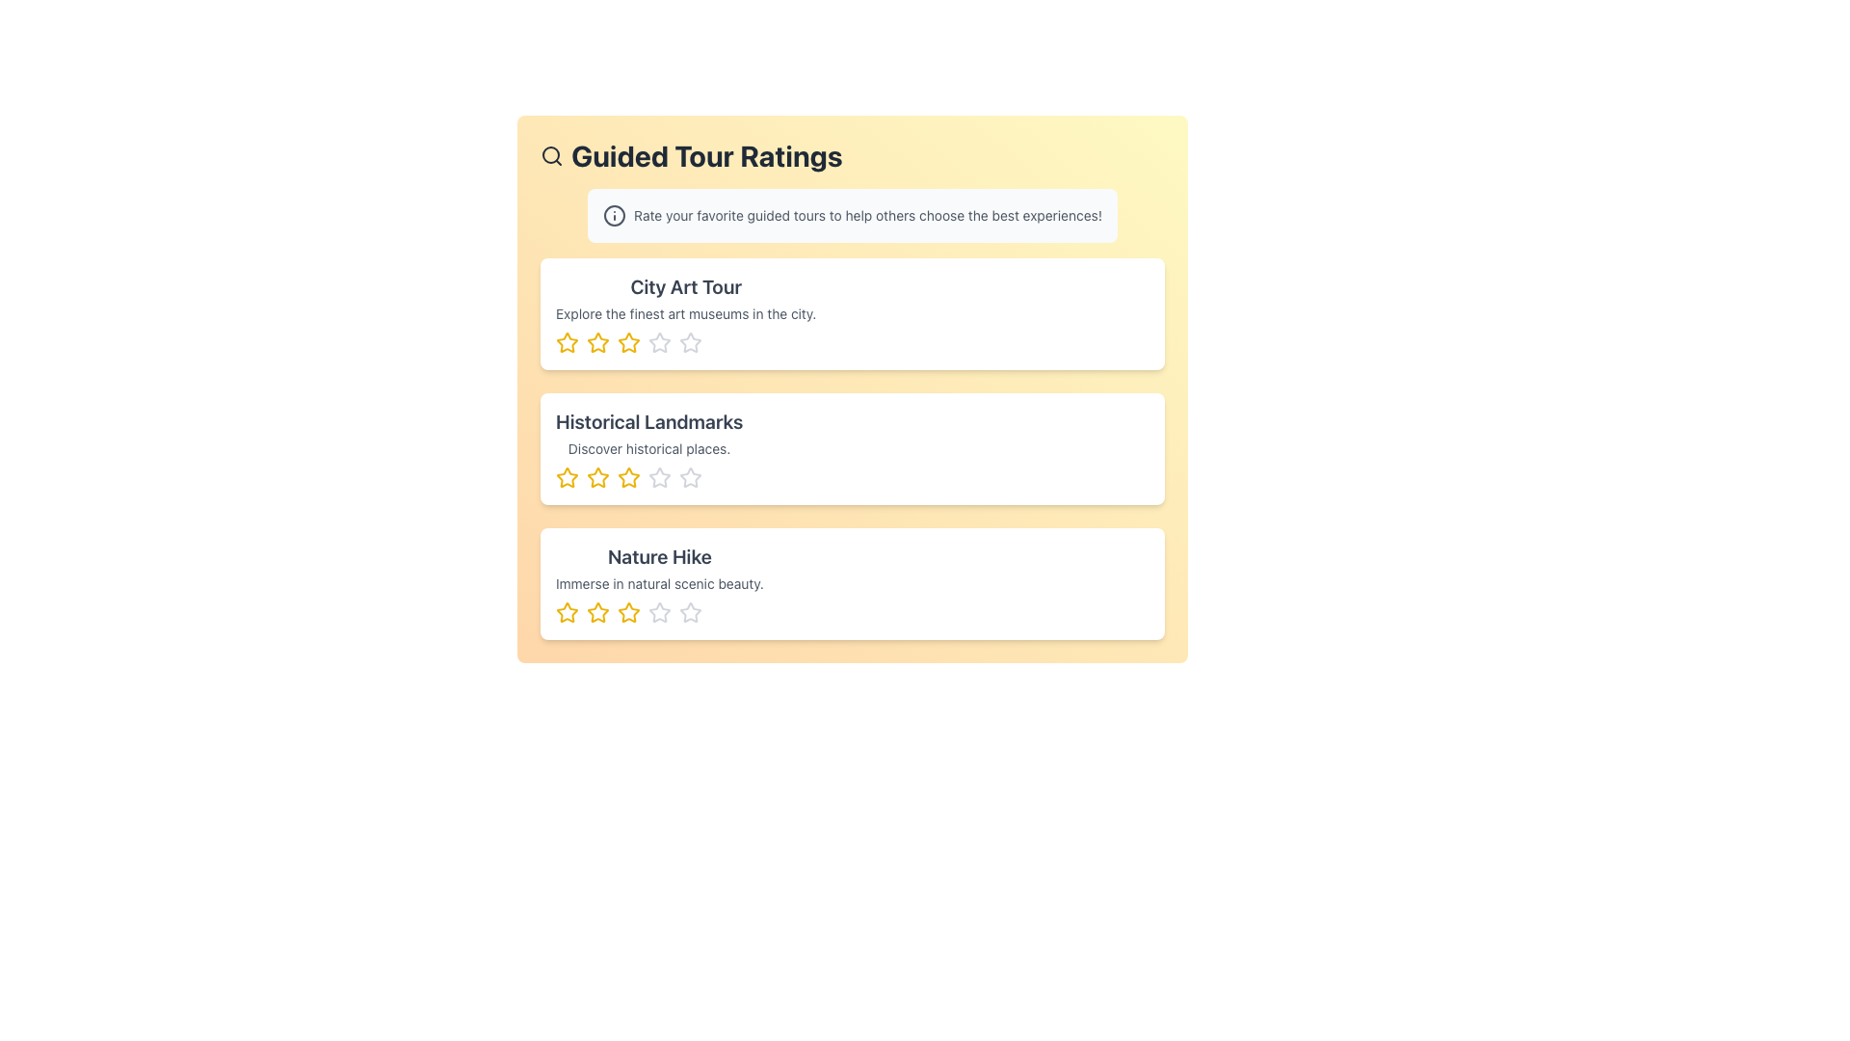  I want to click on the first rating star in the 'City Art Tour' section, so click(567, 341).